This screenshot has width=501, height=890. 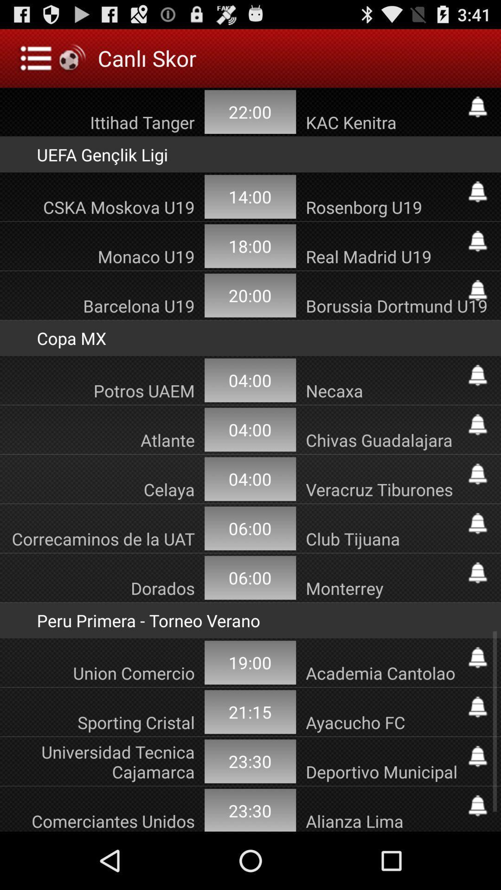 What do you see at coordinates (477, 572) in the screenshot?
I see `notification bell` at bounding box center [477, 572].